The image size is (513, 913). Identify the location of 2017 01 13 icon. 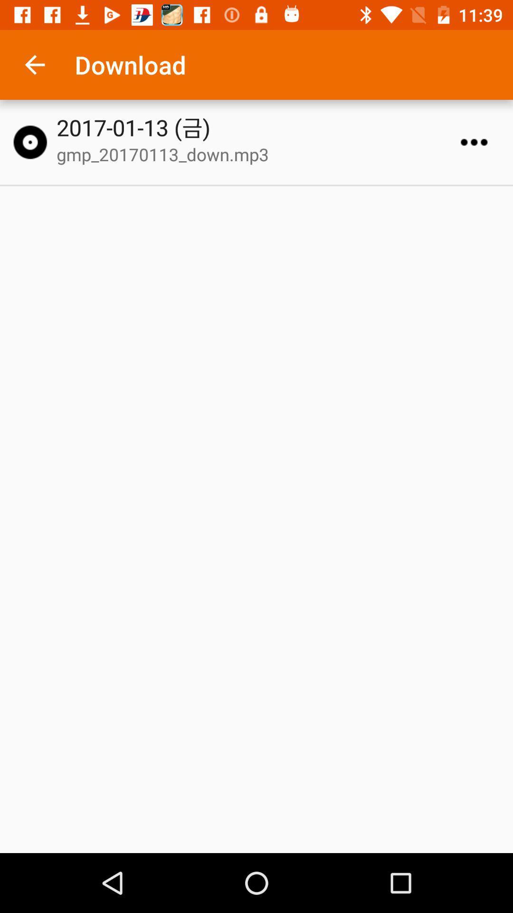
(261, 127).